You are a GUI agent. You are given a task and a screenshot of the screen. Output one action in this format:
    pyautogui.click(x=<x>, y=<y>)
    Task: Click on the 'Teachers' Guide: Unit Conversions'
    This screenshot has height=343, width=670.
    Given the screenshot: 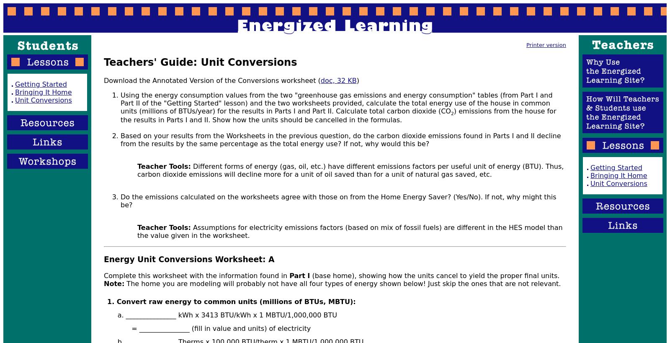 What is the action you would take?
    pyautogui.click(x=200, y=61)
    